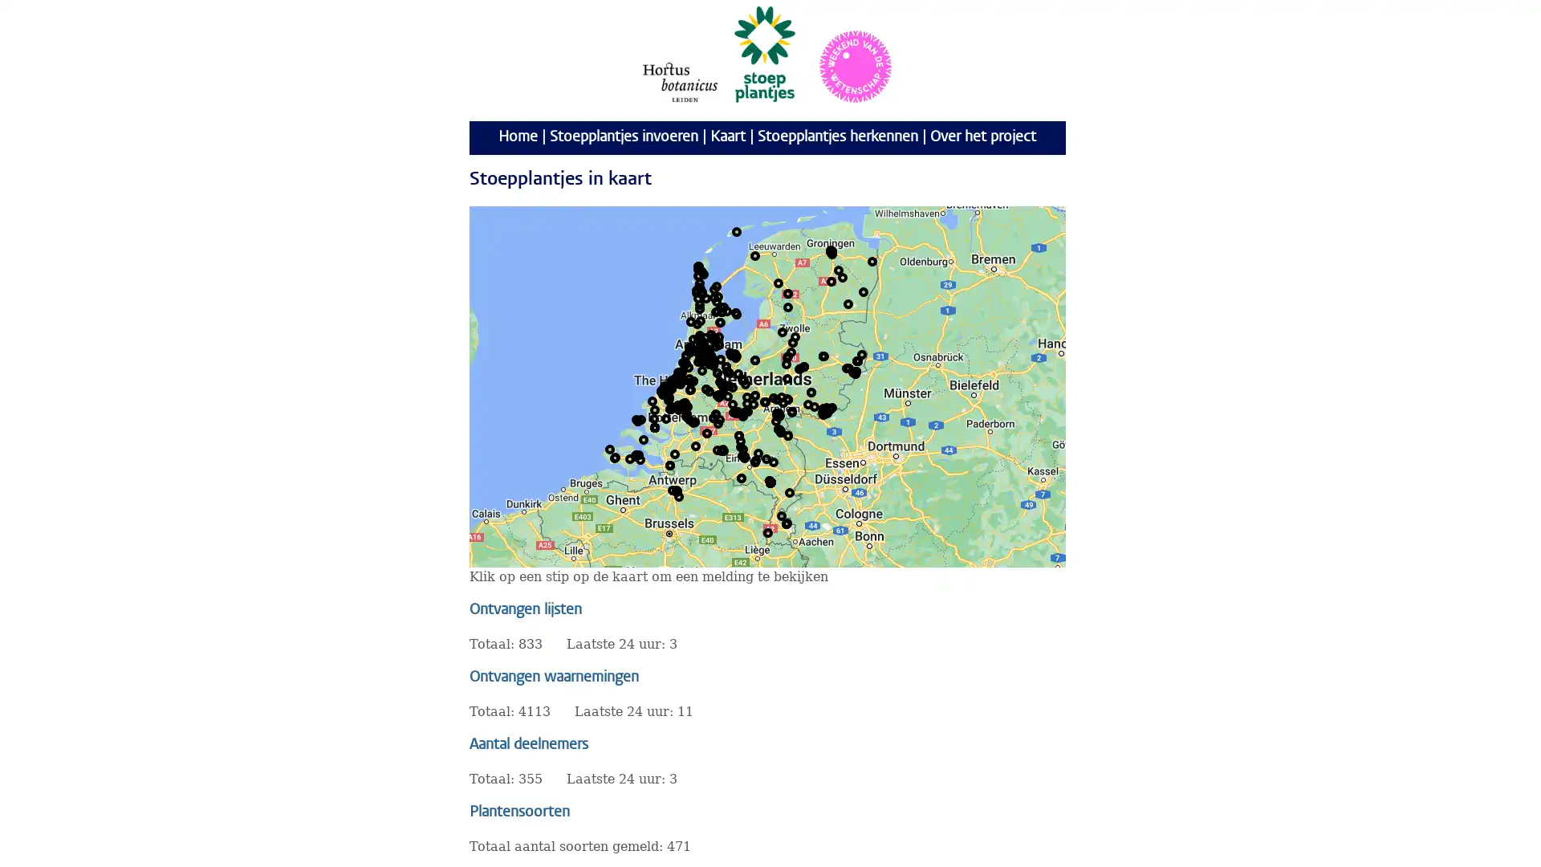 This screenshot has height=867, width=1541. What do you see at coordinates (739, 446) in the screenshot?
I see `Telling van Anita op 13 oktober 2021` at bounding box center [739, 446].